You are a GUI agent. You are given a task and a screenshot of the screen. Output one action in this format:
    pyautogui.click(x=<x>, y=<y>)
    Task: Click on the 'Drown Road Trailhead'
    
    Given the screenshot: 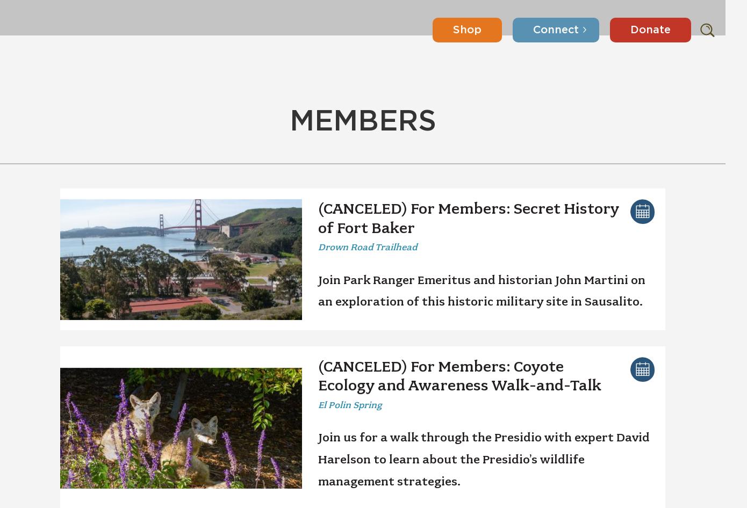 What is the action you would take?
    pyautogui.click(x=318, y=246)
    